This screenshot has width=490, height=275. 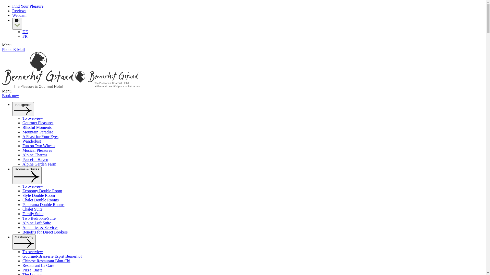 I want to click on 'Fun on Two Wheels', so click(x=39, y=146).